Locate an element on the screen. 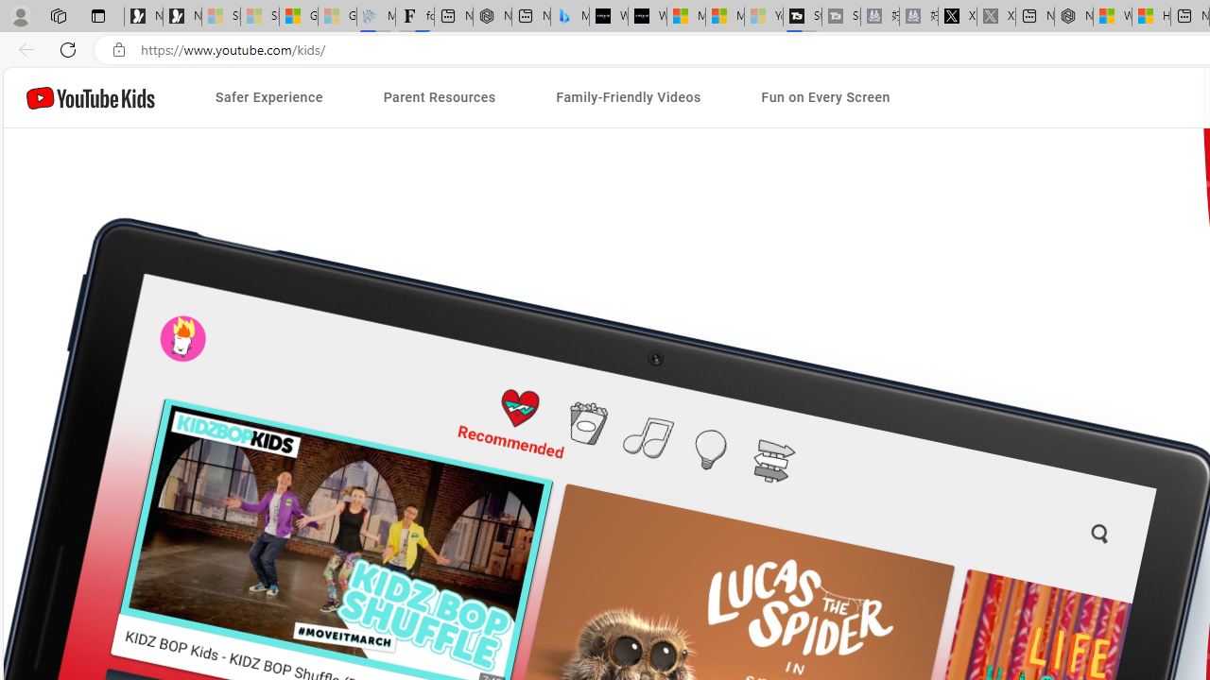  'Microsoft Bing Travel - Shangri-La Hotel Bangkok' is located at coordinates (568, 16).